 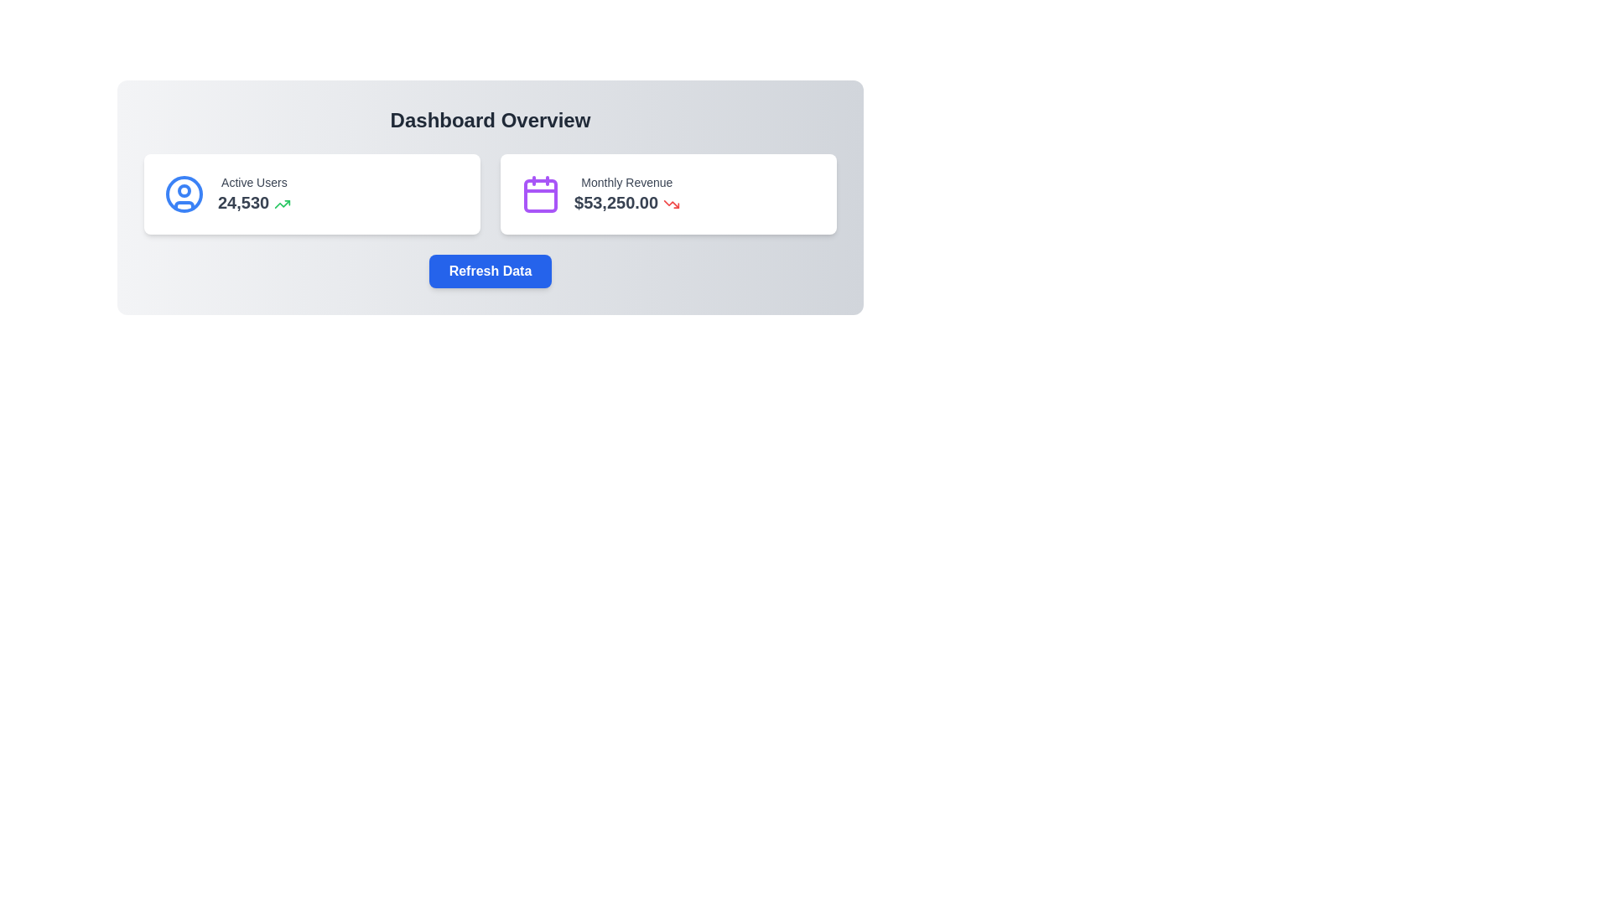 I want to click on information displayed on the Information Card that shows the count of active users, located to the left of the 'Monthly Revenue' card in the dashboard, so click(x=312, y=193).